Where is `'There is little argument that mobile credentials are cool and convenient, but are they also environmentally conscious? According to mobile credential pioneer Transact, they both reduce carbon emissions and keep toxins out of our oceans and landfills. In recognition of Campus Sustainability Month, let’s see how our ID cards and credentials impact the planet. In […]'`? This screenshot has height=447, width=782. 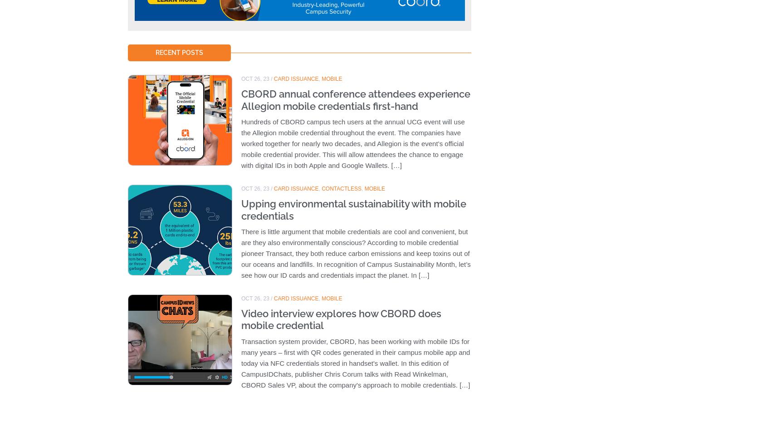 'There is little argument that mobile credentials are cool and convenient, but are they also environmentally conscious? According to mobile credential pioneer Transact, they both reduce carbon emissions and keep toxins out of our oceans and landfills. In recognition of Campus Sustainability Month, let’s see how our ID cards and credentials impact the planet. In […]' is located at coordinates (356, 253).